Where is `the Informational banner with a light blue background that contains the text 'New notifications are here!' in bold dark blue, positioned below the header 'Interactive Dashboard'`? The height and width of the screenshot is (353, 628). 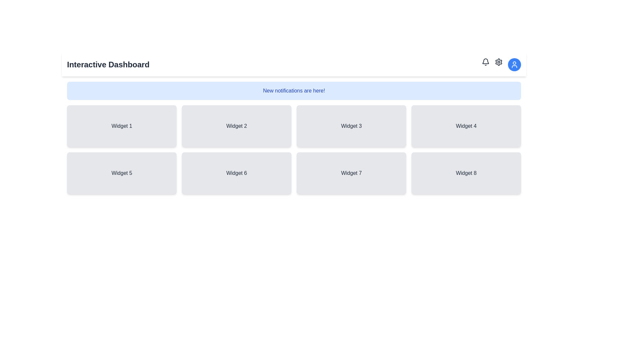
the Informational banner with a light blue background that contains the text 'New notifications are here!' in bold dark blue, positioned below the header 'Interactive Dashboard' is located at coordinates (293, 91).